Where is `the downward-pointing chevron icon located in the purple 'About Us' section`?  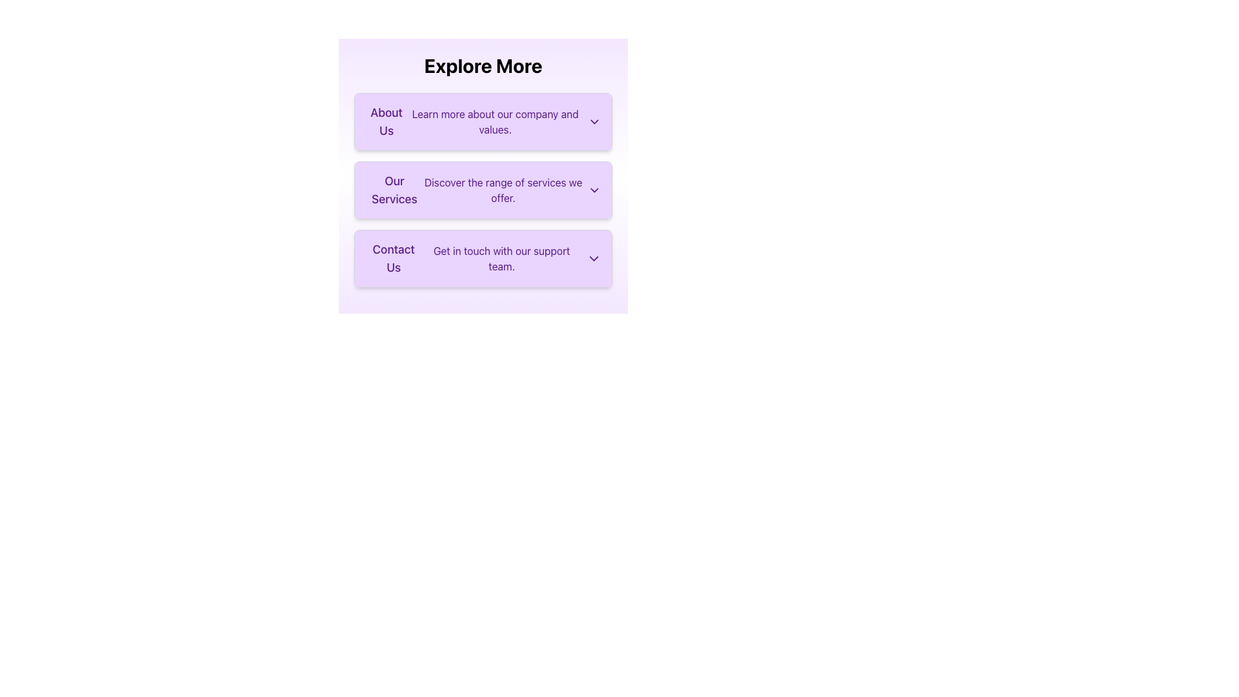
the downward-pointing chevron icon located in the purple 'About Us' section is located at coordinates (594, 122).